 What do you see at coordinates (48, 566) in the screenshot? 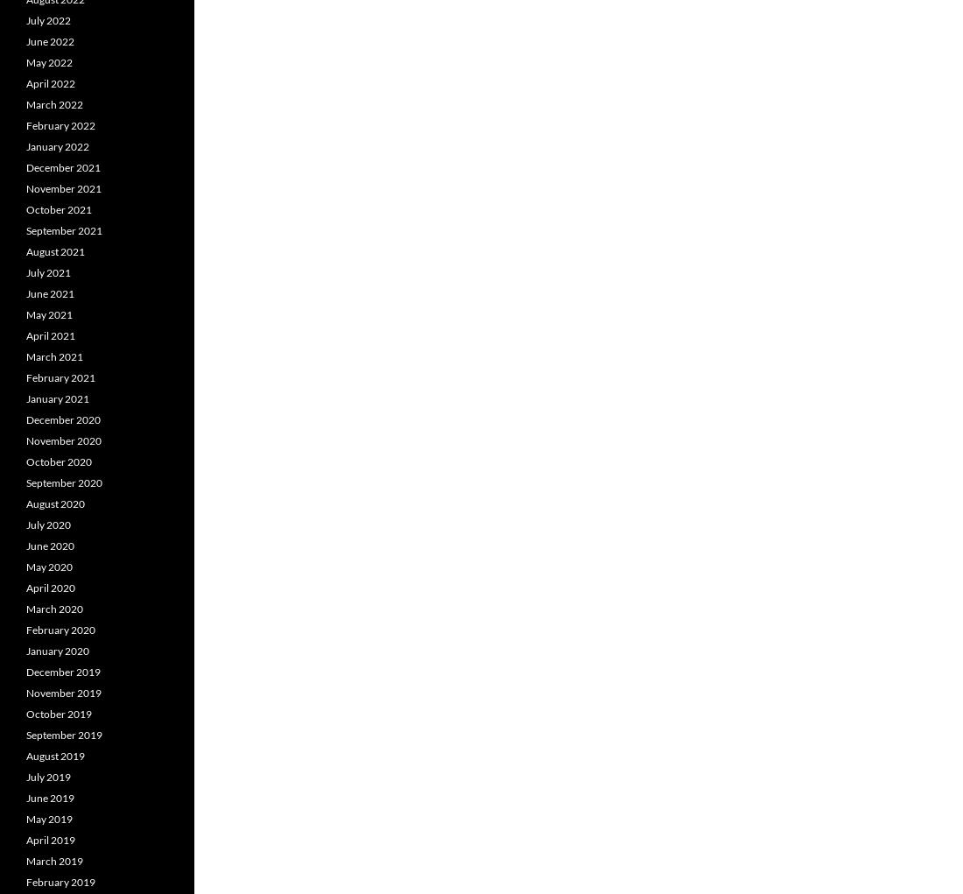
I see `'May 2020'` at bounding box center [48, 566].